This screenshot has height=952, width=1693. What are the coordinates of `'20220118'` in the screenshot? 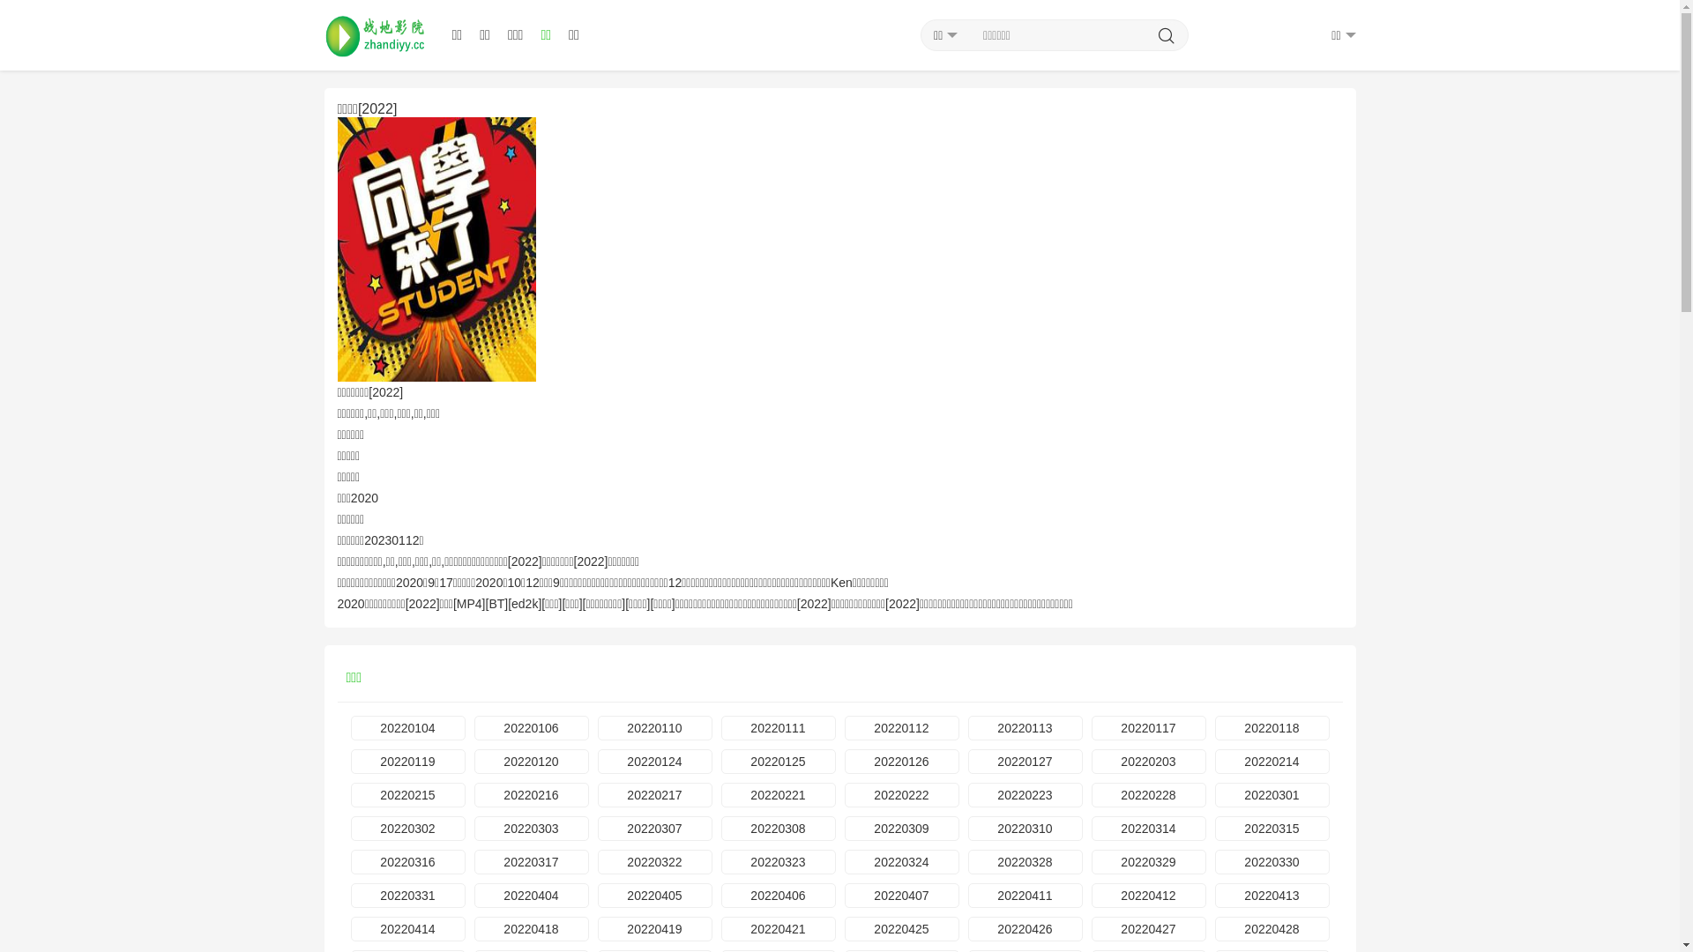 It's located at (1272, 727).